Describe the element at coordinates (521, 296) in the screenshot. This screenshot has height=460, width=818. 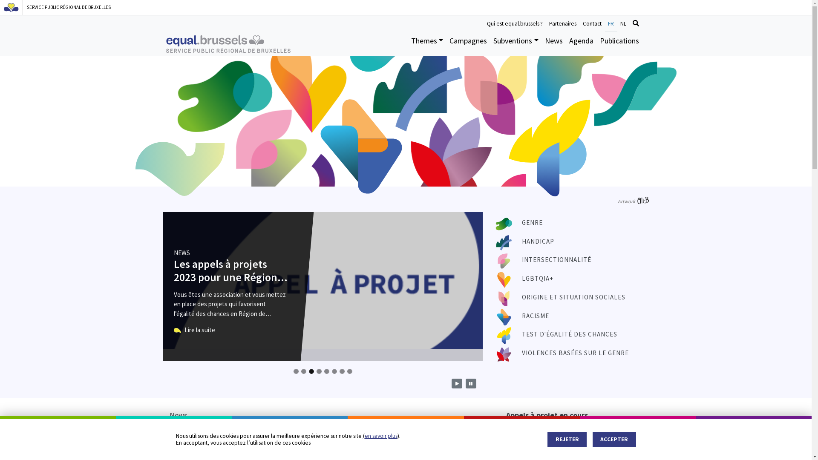
I see `'ORIGINE ET SITUATION SOCIALES'` at that location.